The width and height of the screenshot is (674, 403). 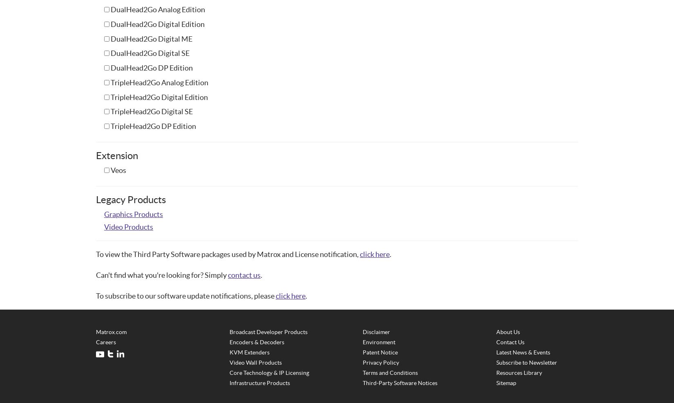 I want to click on 'Sitemap', so click(x=506, y=383).